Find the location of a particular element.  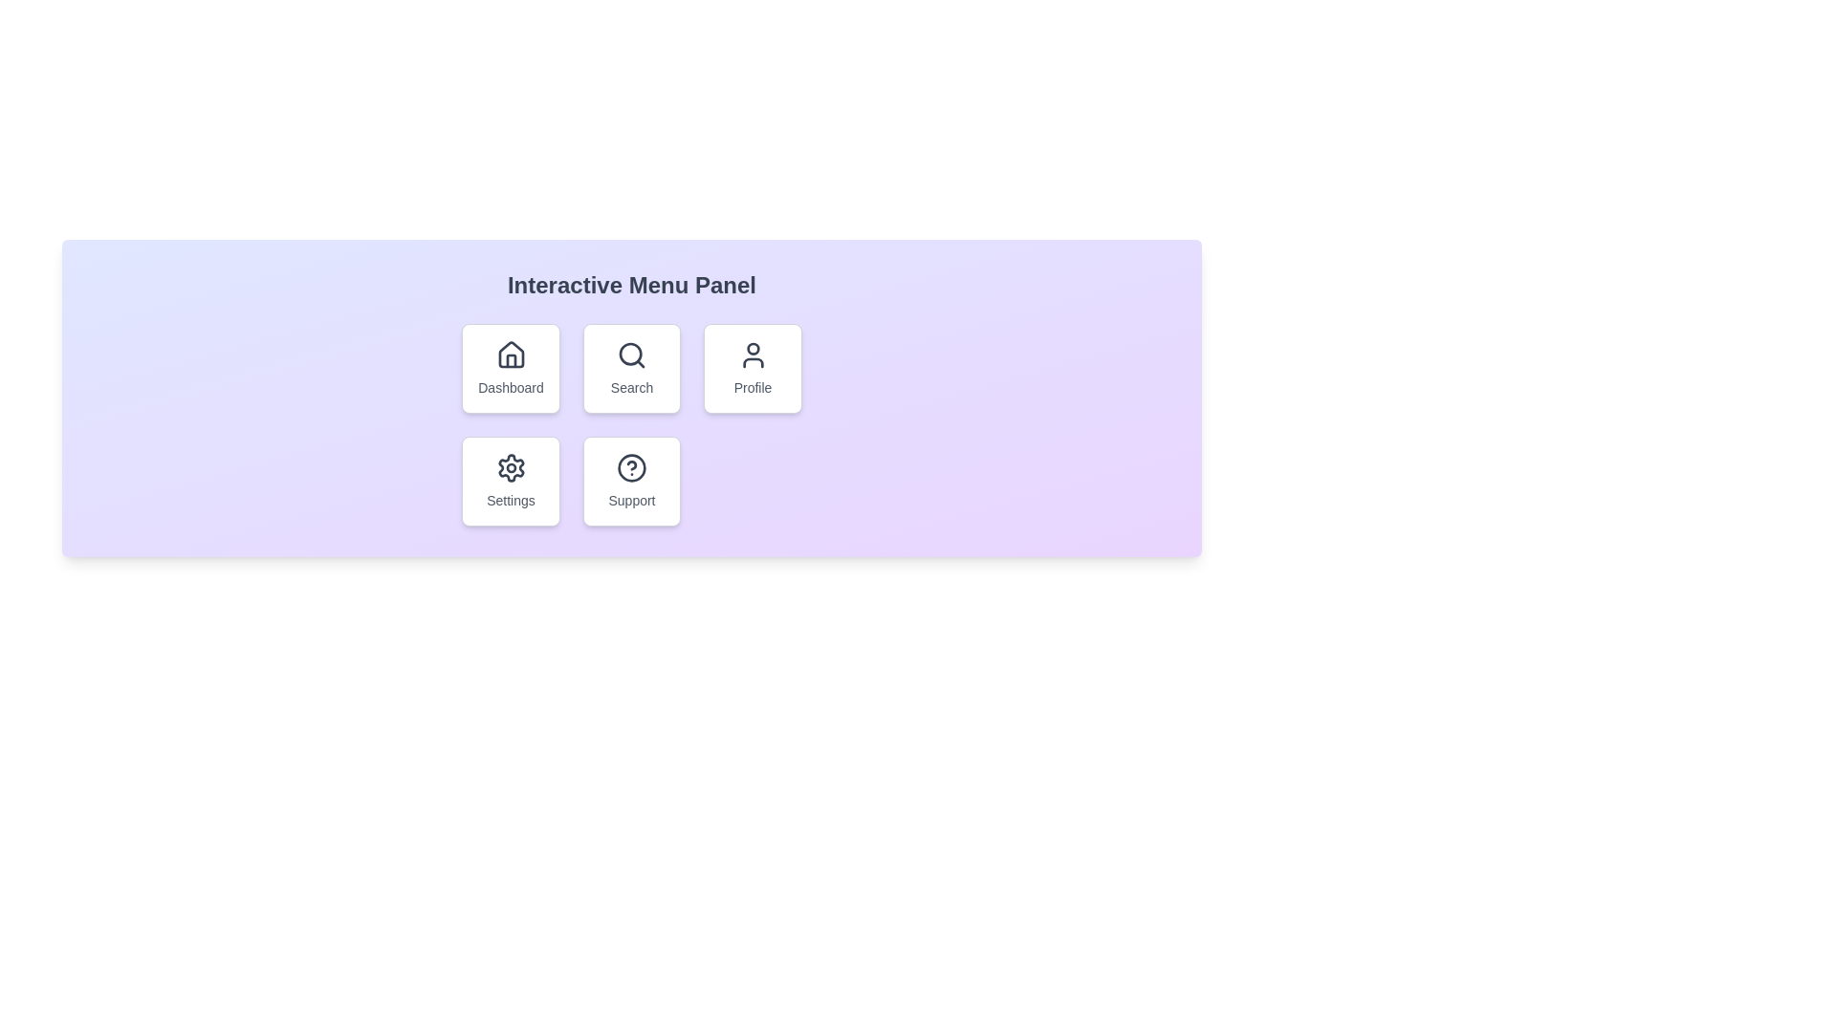

the circular SVG element that is part of the user icon within the 'Profile' button, located in the top-right quadrant of the interactive menu panel is located at coordinates (752, 349).